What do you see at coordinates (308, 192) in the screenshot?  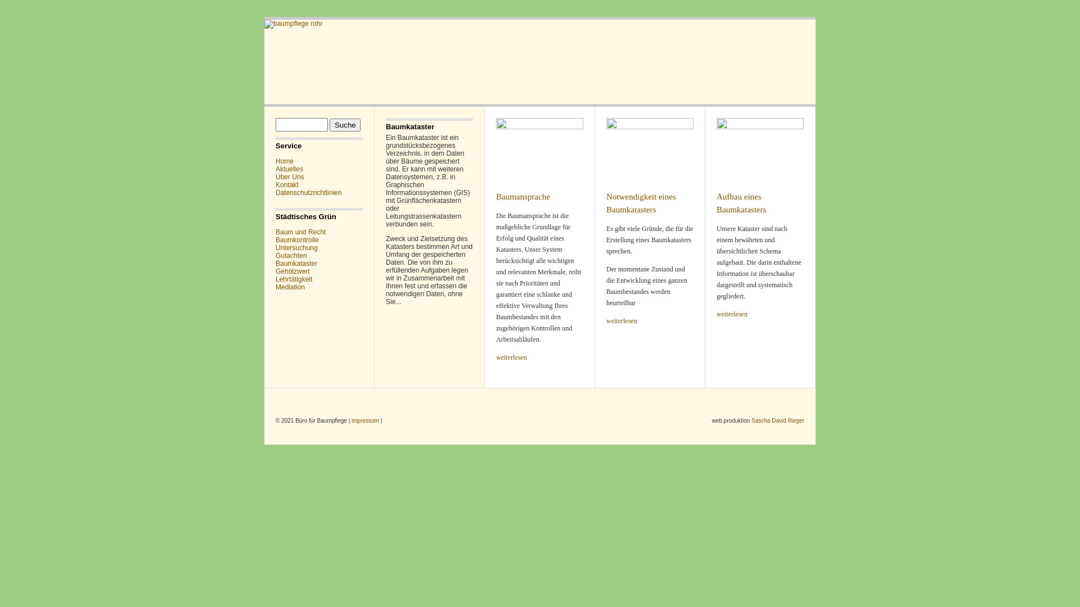 I see `'Datenschutzrichtlinien'` at bounding box center [308, 192].